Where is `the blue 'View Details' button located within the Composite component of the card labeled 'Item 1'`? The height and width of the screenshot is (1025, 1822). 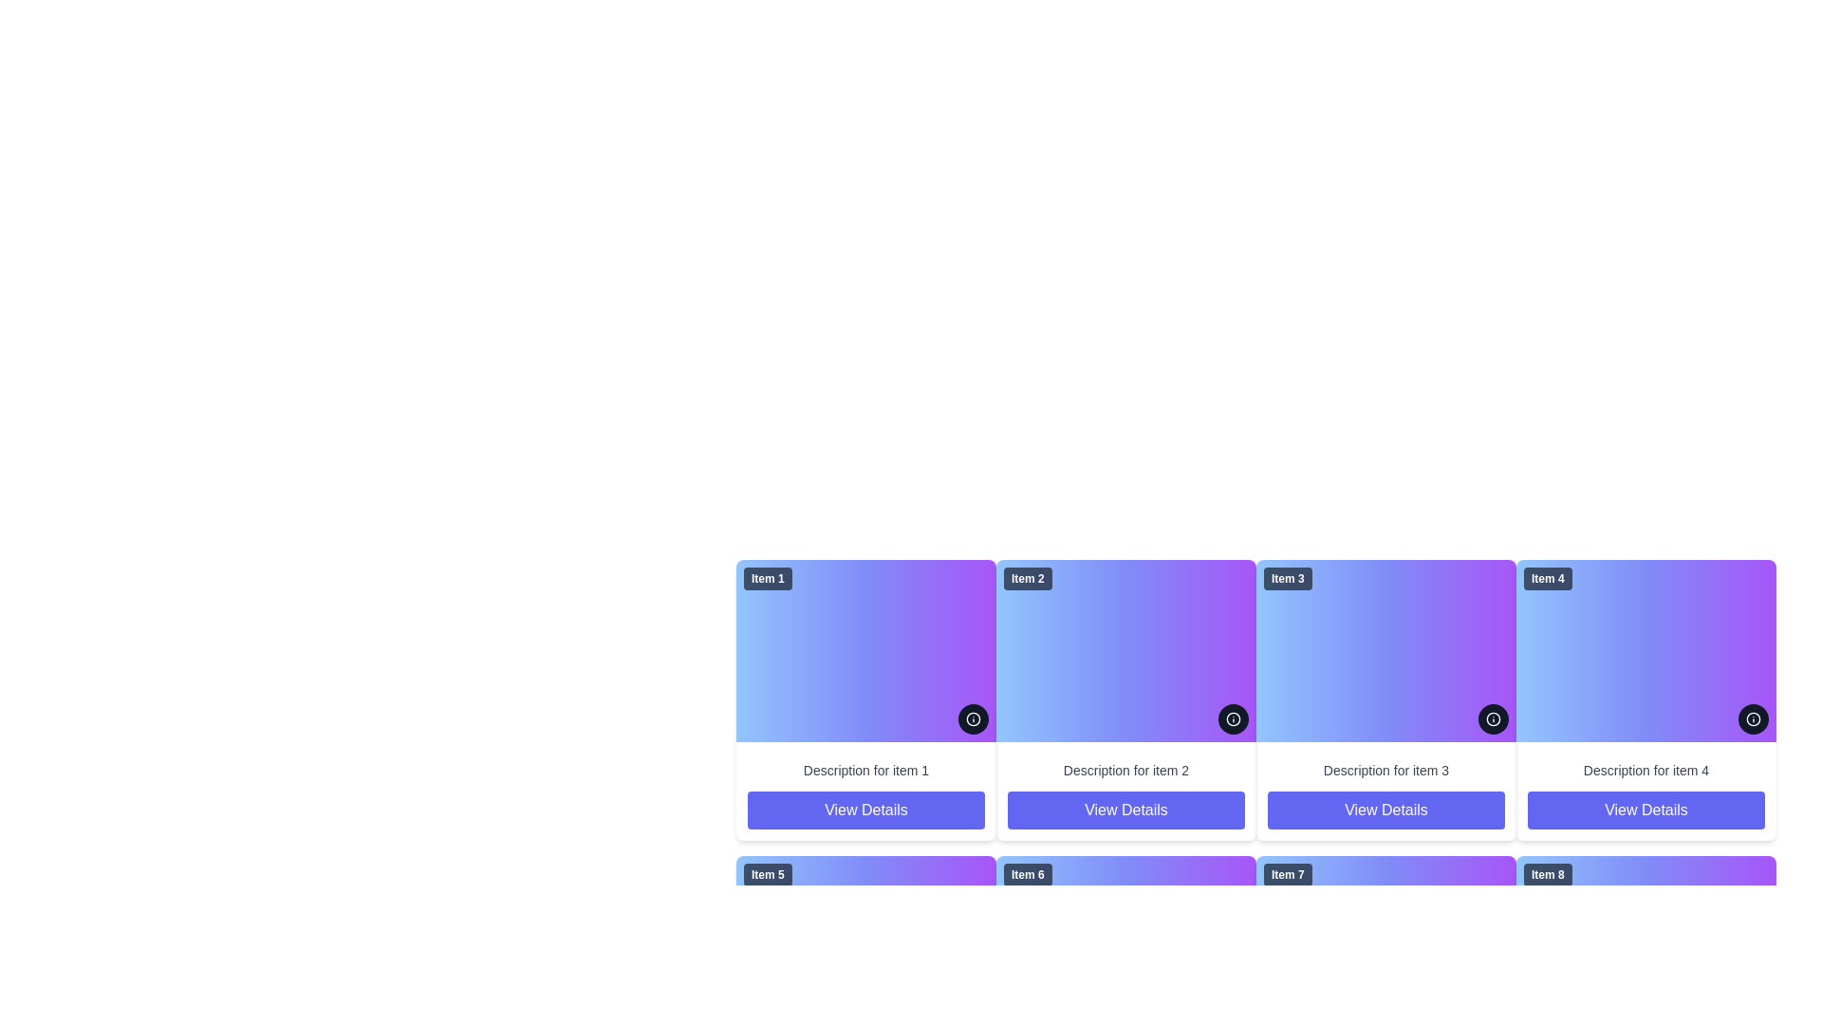
the blue 'View Details' button located within the Composite component of the card labeled 'Item 1' is located at coordinates (865, 791).